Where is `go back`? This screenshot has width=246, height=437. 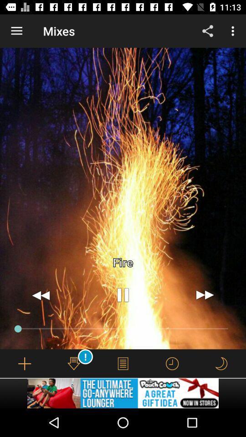 go back is located at coordinates (41, 295).